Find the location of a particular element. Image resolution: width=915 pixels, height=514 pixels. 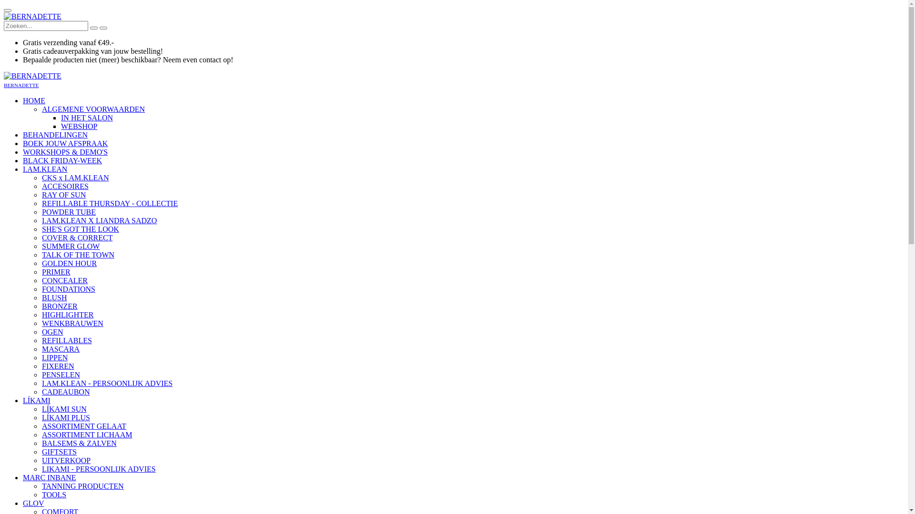

'ASSORTIMENT GELAAT' is located at coordinates (41, 425).